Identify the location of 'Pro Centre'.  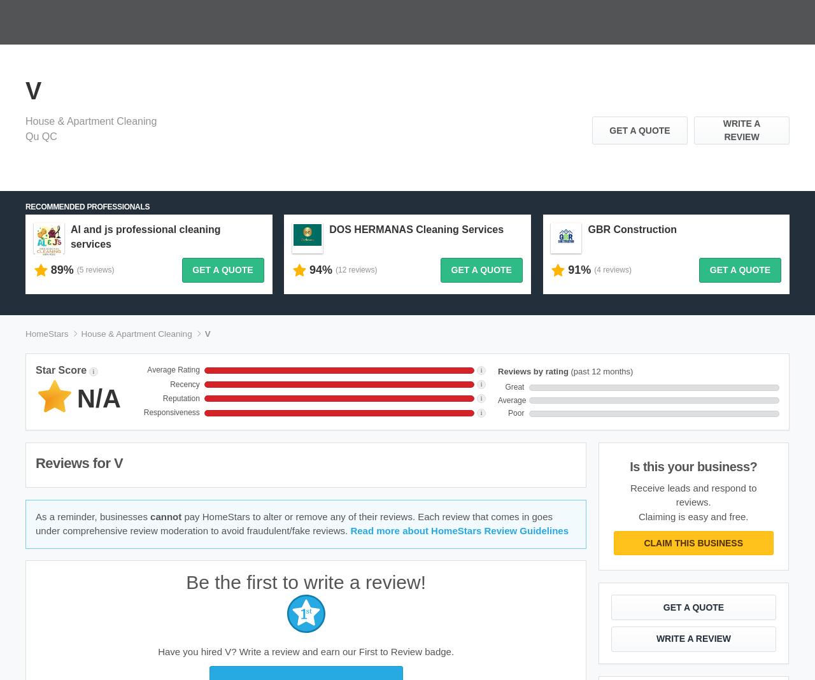
(241, 544).